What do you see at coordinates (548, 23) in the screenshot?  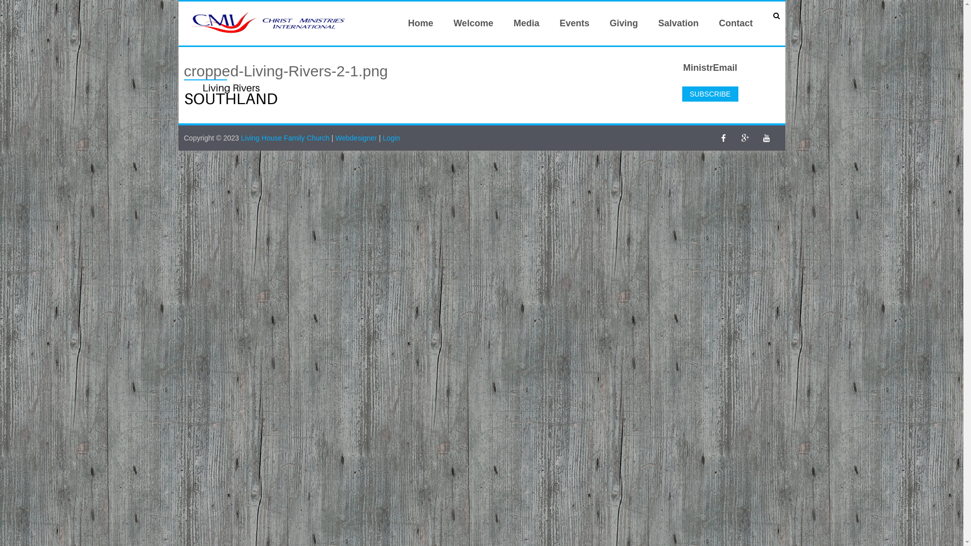 I see `'Events'` at bounding box center [548, 23].